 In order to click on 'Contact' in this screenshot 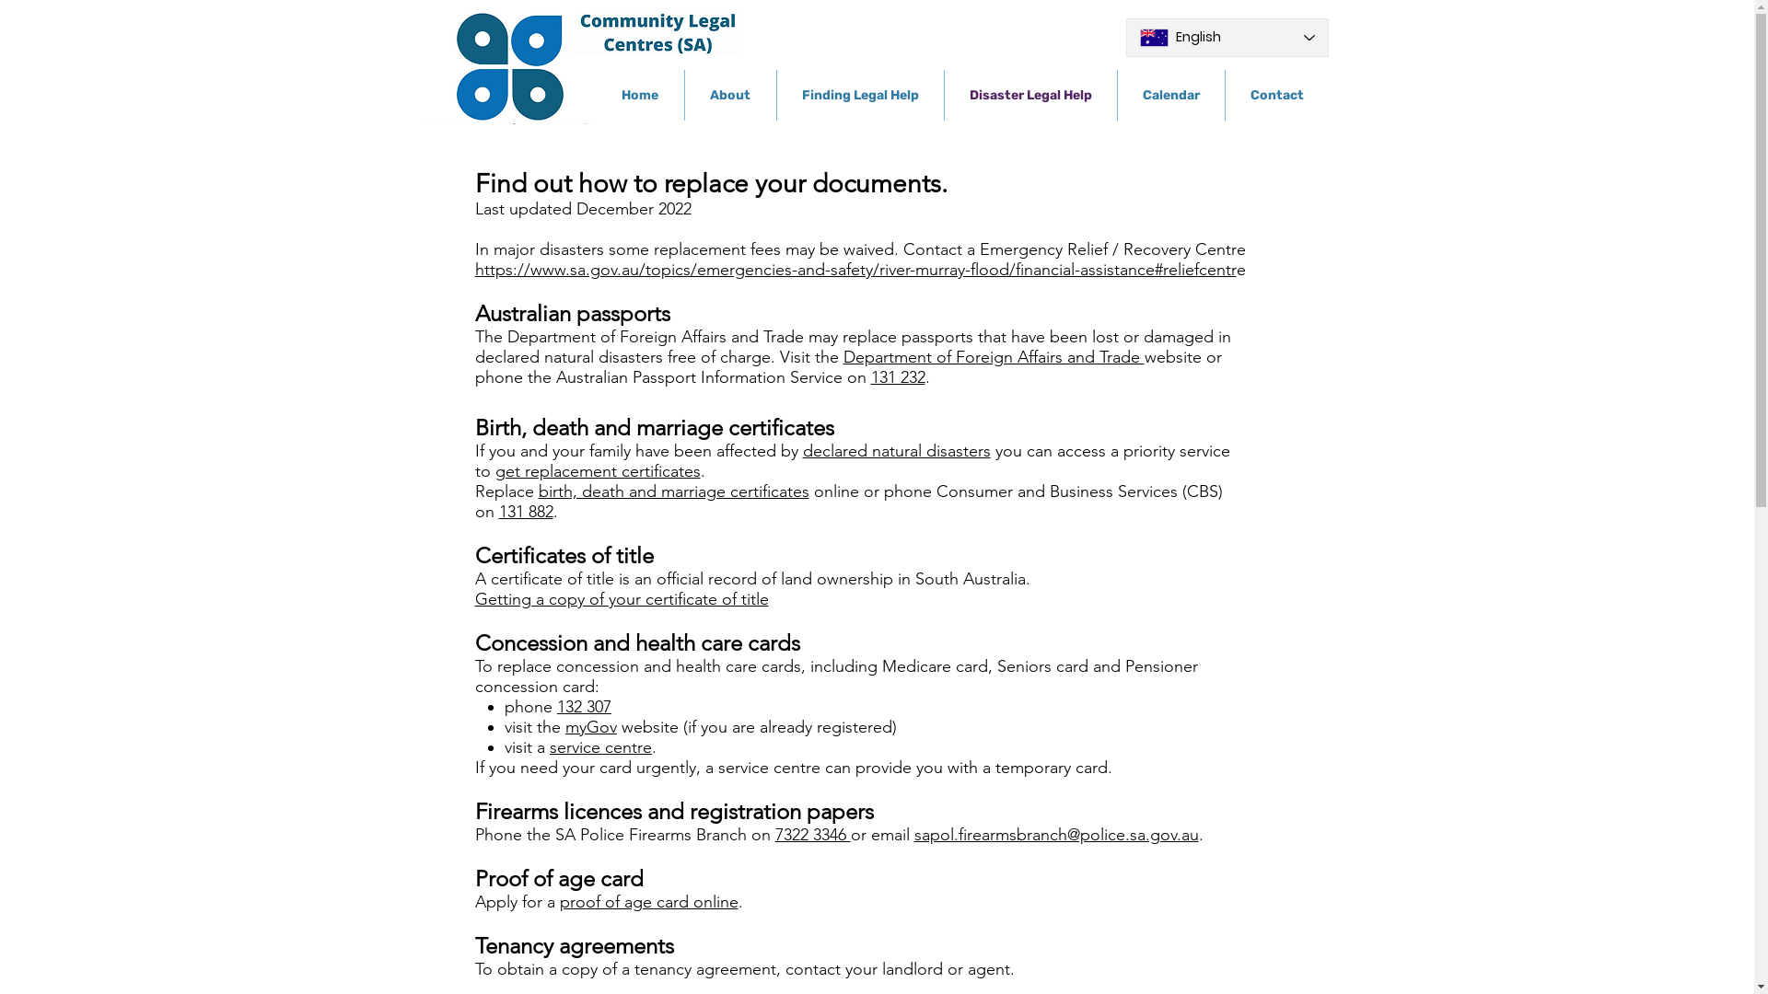, I will do `click(1224, 95)`.